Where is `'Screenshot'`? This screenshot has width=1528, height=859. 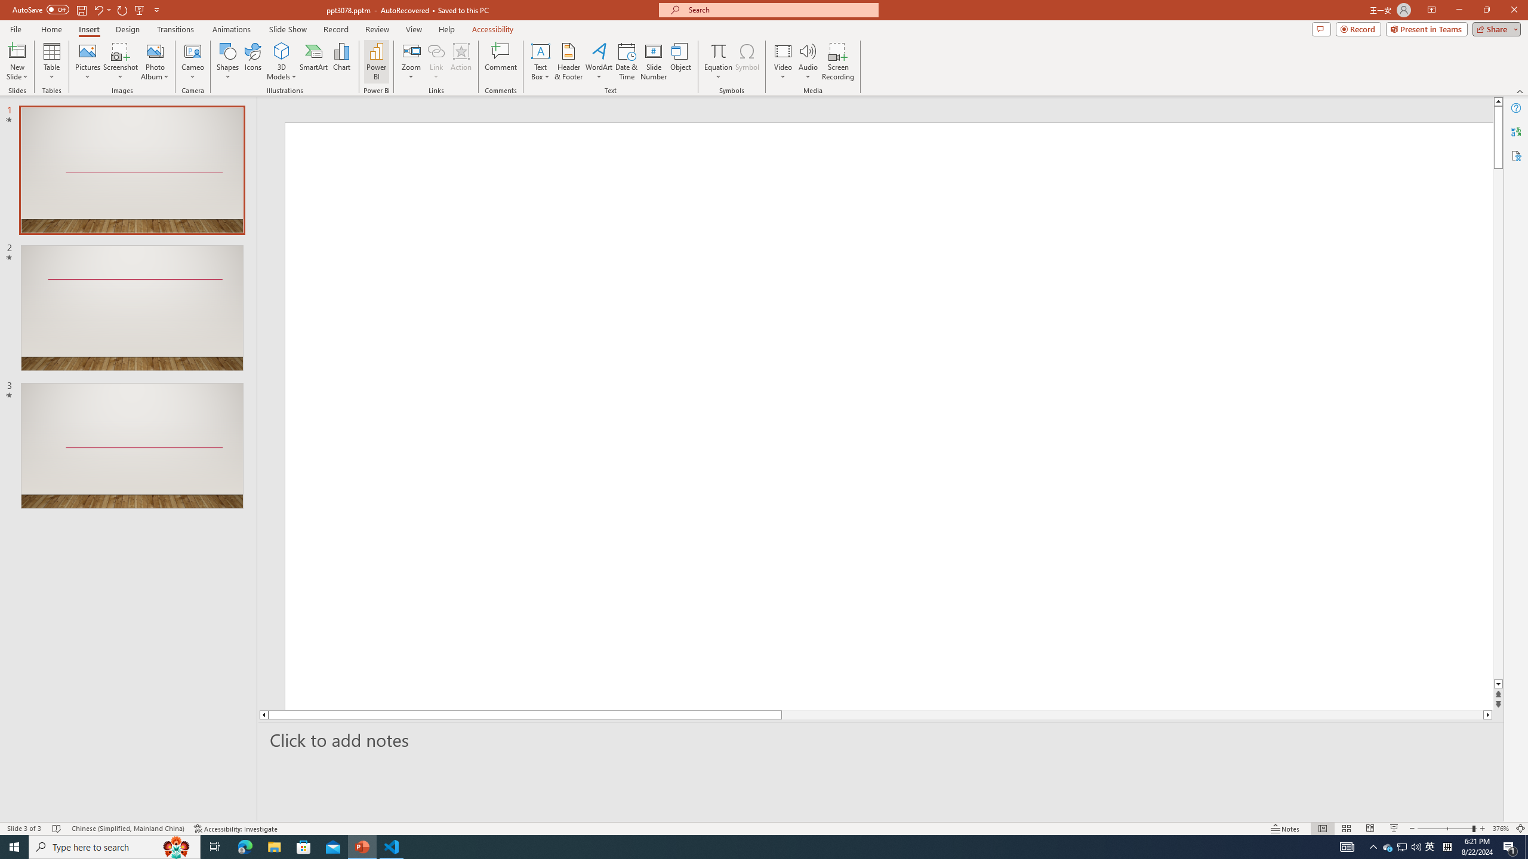
'Screenshot' is located at coordinates (120, 61).